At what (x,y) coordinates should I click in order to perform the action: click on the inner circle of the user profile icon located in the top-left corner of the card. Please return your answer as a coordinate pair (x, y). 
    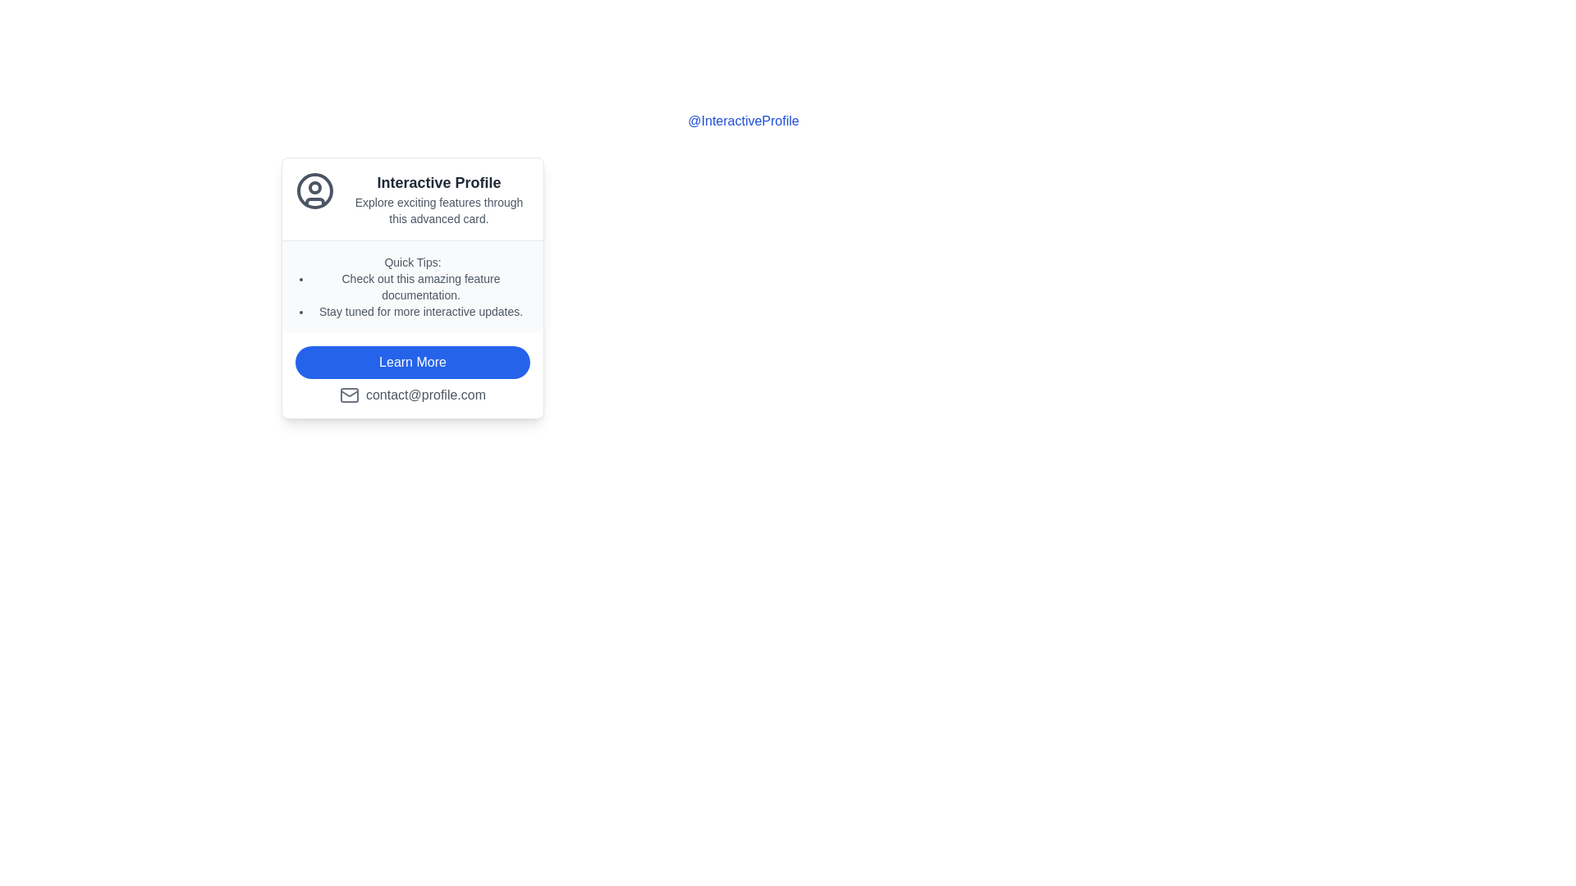
    Looking at the image, I should click on (315, 190).